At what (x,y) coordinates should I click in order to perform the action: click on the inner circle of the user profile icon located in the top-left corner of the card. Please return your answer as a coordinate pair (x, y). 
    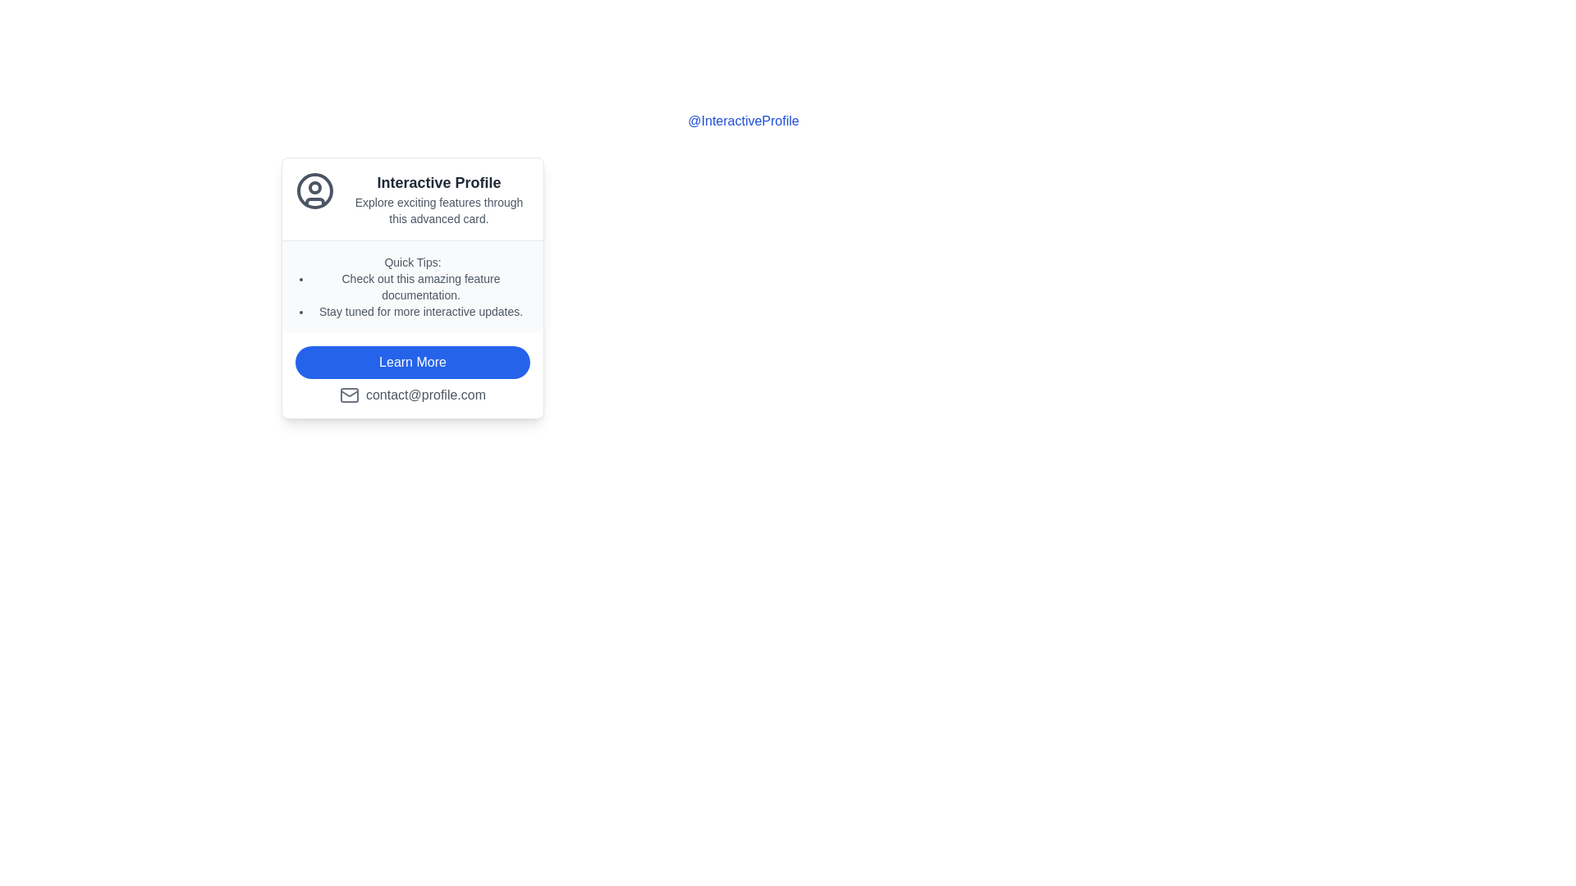
    Looking at the image, I should click on (315, 190).